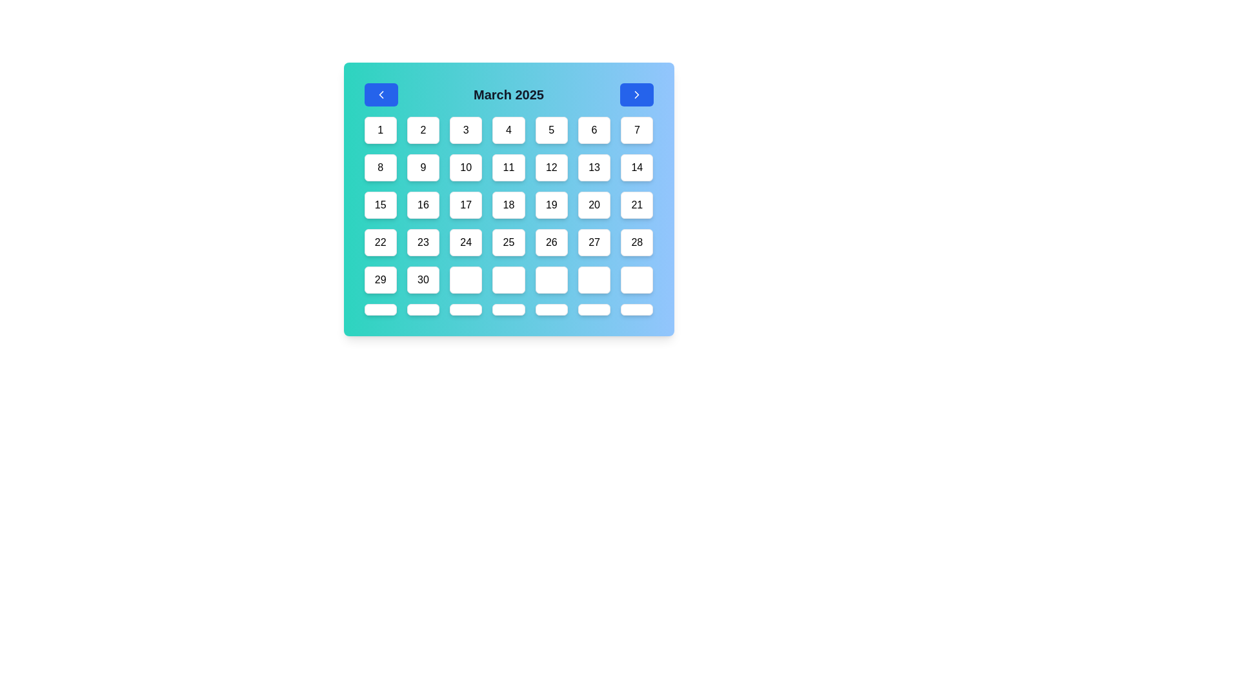 This screenshot has width=1239, height=697. Describe the element at coordinates (508, 94) in the screenshot. I see `the header displaying 'March 2025', which is positioned at the top-center of the calendar interface, above the navigation buttons` at that location.